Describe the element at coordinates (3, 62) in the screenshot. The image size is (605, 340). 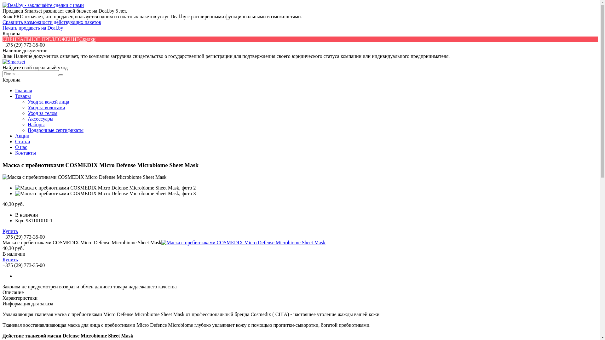
I see `'Smartset'` at that location.